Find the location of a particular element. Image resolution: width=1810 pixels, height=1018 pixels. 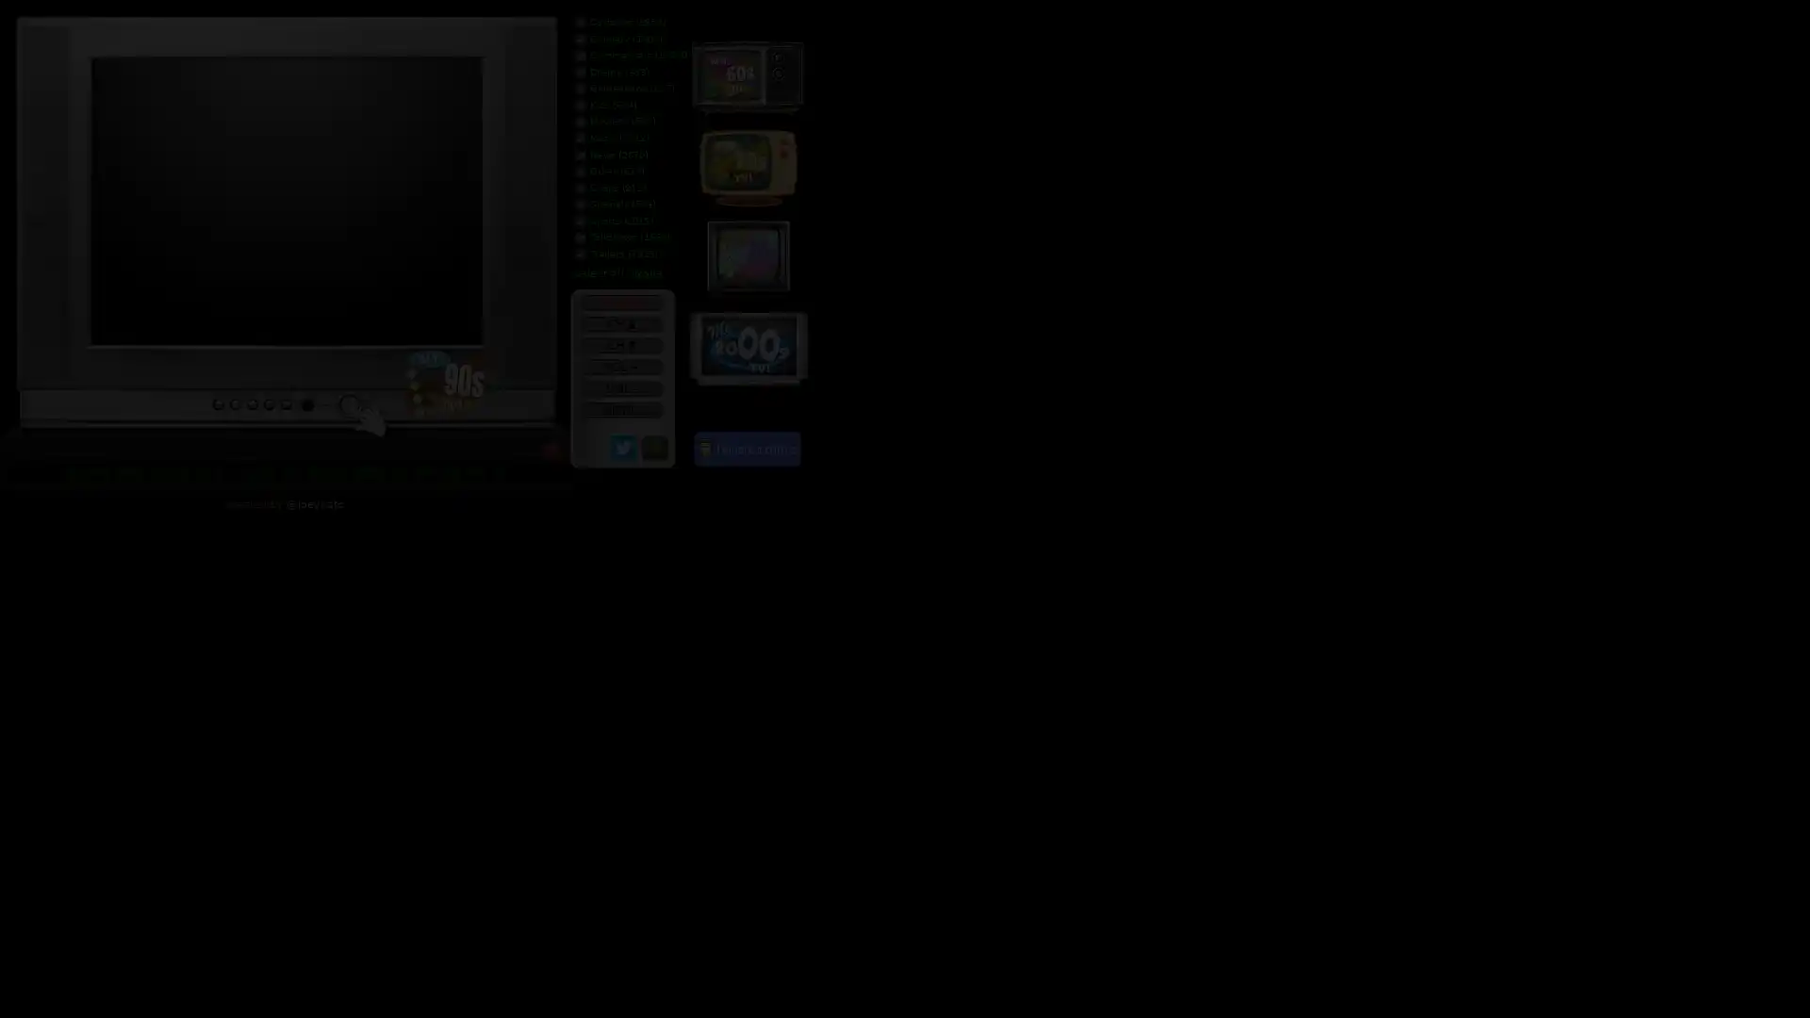

CH is located at coordinates (620, 322).